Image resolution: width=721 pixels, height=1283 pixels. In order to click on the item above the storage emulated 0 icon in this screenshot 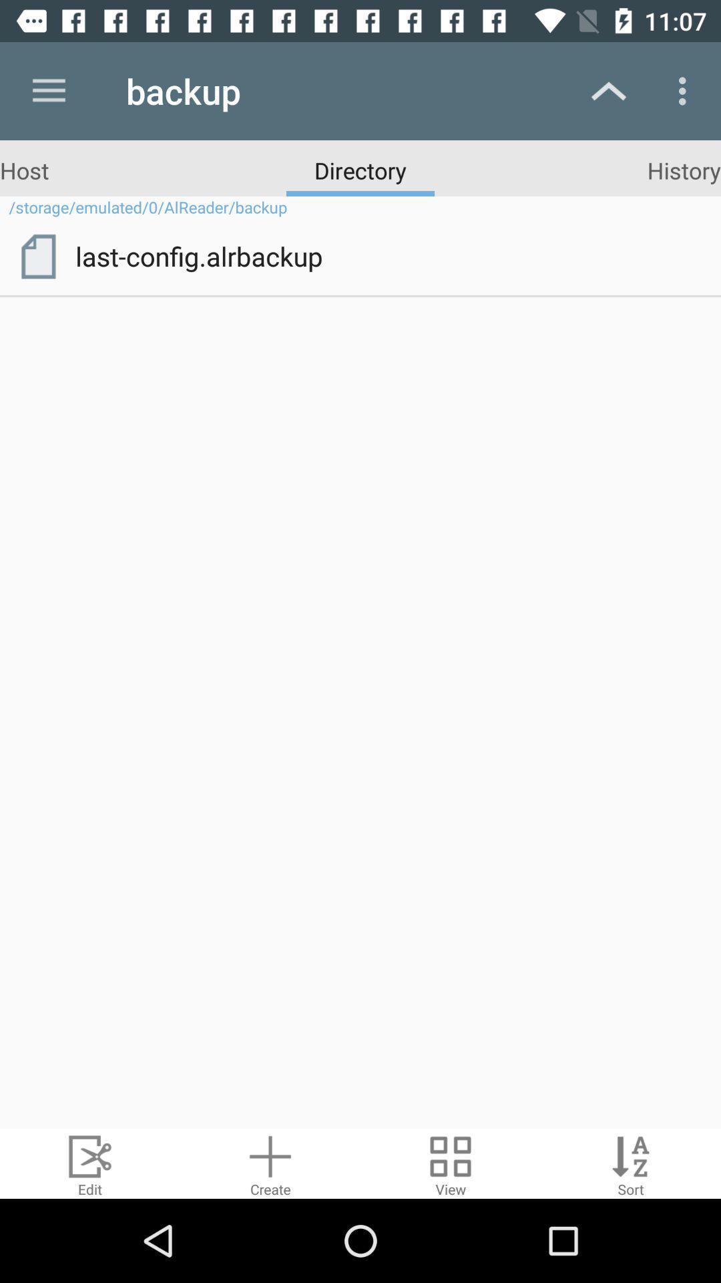, I will do `click(684, 169)`.